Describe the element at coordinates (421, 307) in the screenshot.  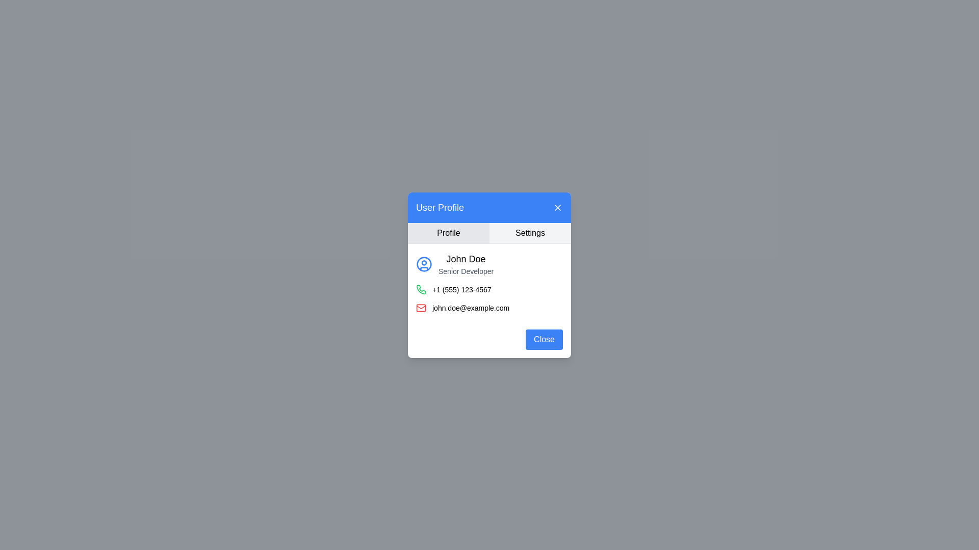
I see `the email icon located on the lower portion of the user profile panel, which precedes the email text 'john.doe@example.com'` at that location.